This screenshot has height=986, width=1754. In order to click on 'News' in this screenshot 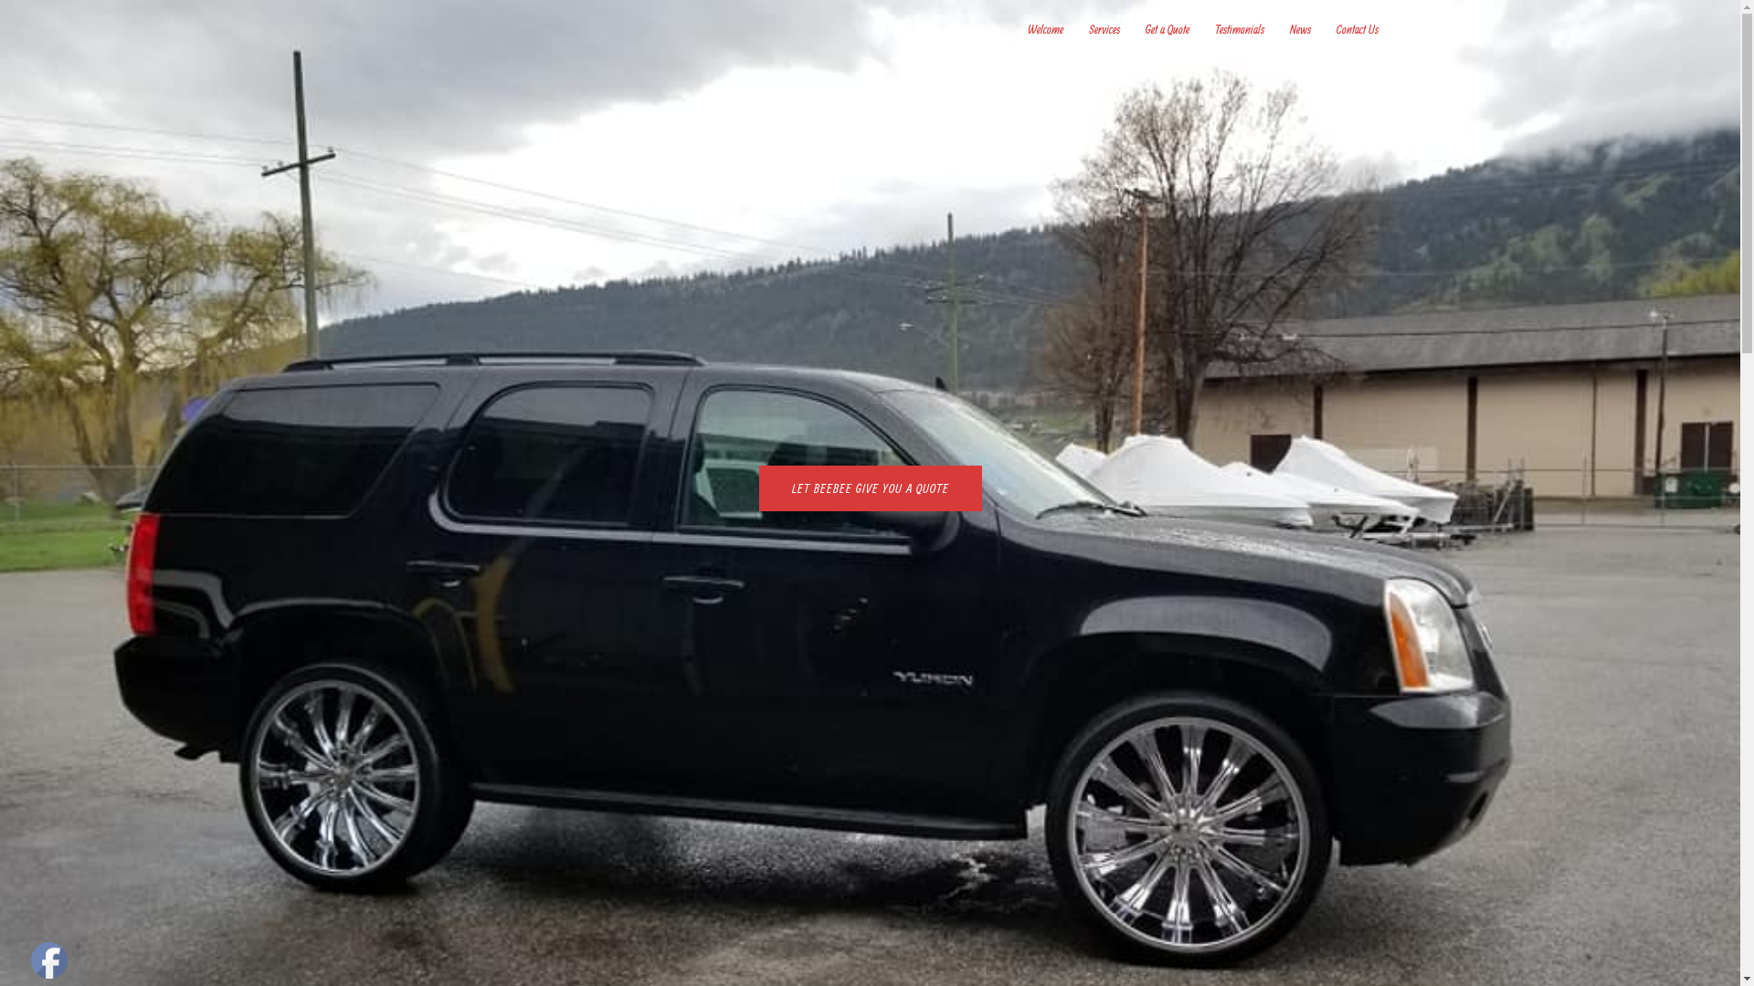, I will do `click(1299, 30)`.